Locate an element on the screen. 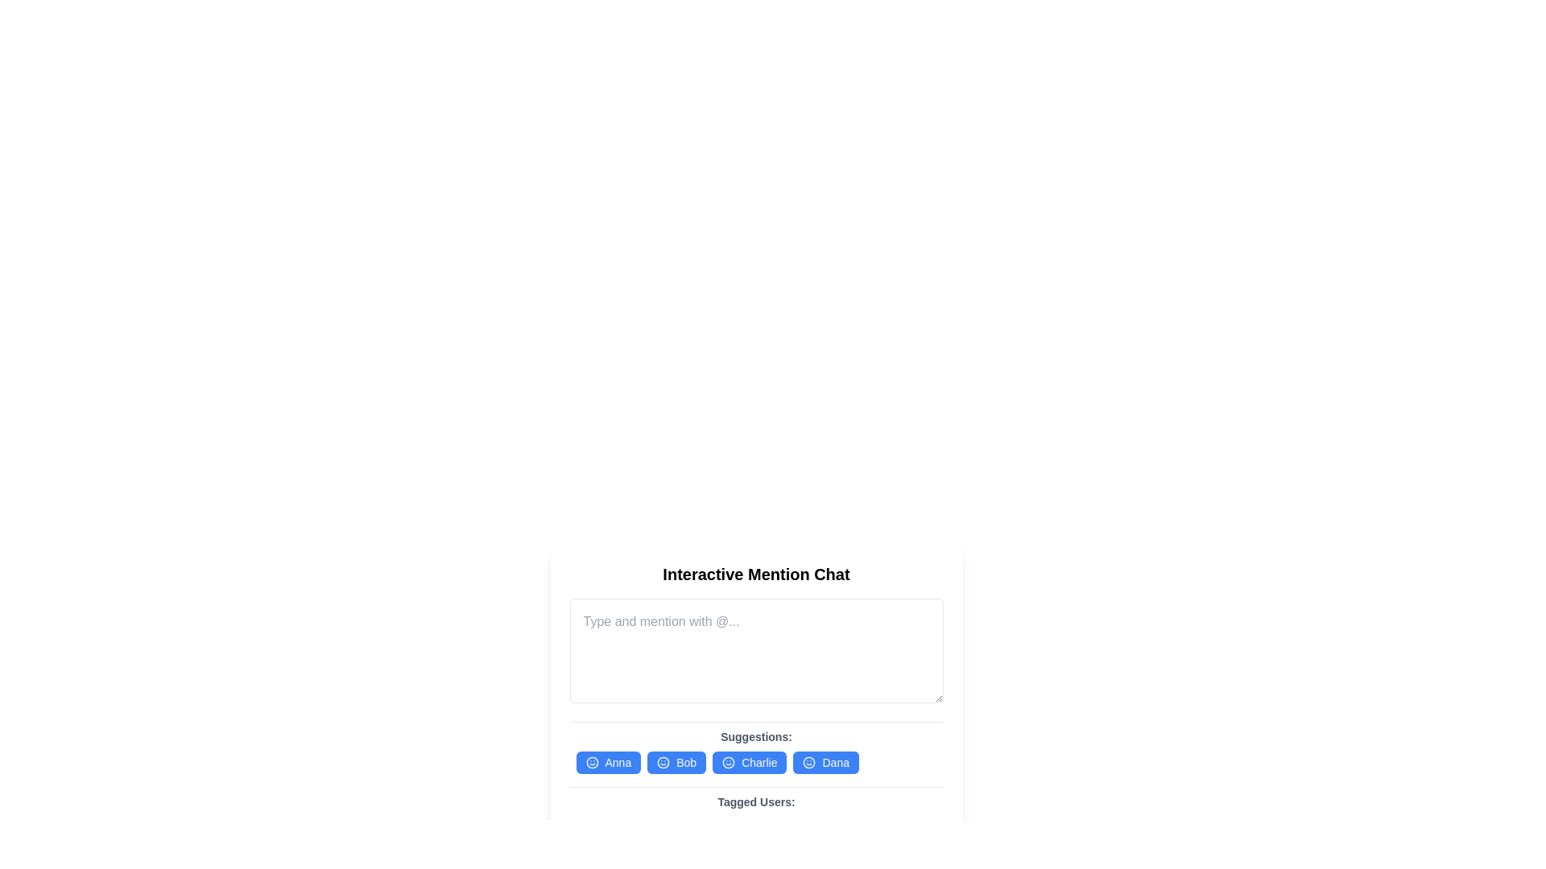 The image size is (1546, 869). the 'Charlie' button, which is a rectangular button with a blue background and white text is located at coordinates (755, 762).